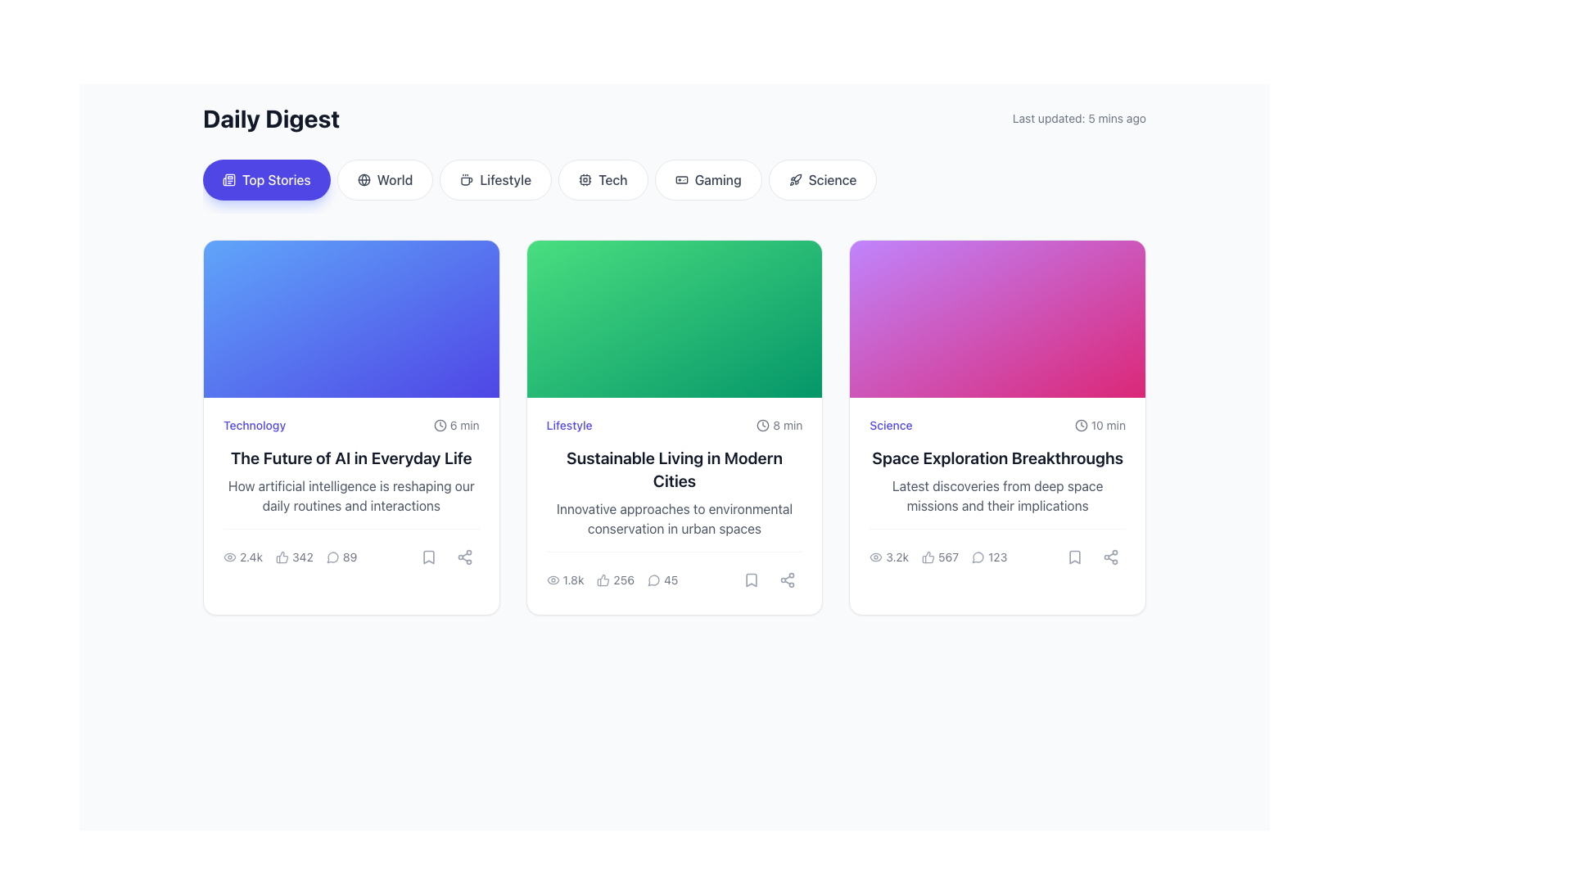 The height and width of the screenshot is (884, 1572). Describe the element at coordinates (495, 179) in the screenshot. I see `the 'Lifestyle' button, which is a pill-shaped button with a coffee cup icon, to filter content` at that location.